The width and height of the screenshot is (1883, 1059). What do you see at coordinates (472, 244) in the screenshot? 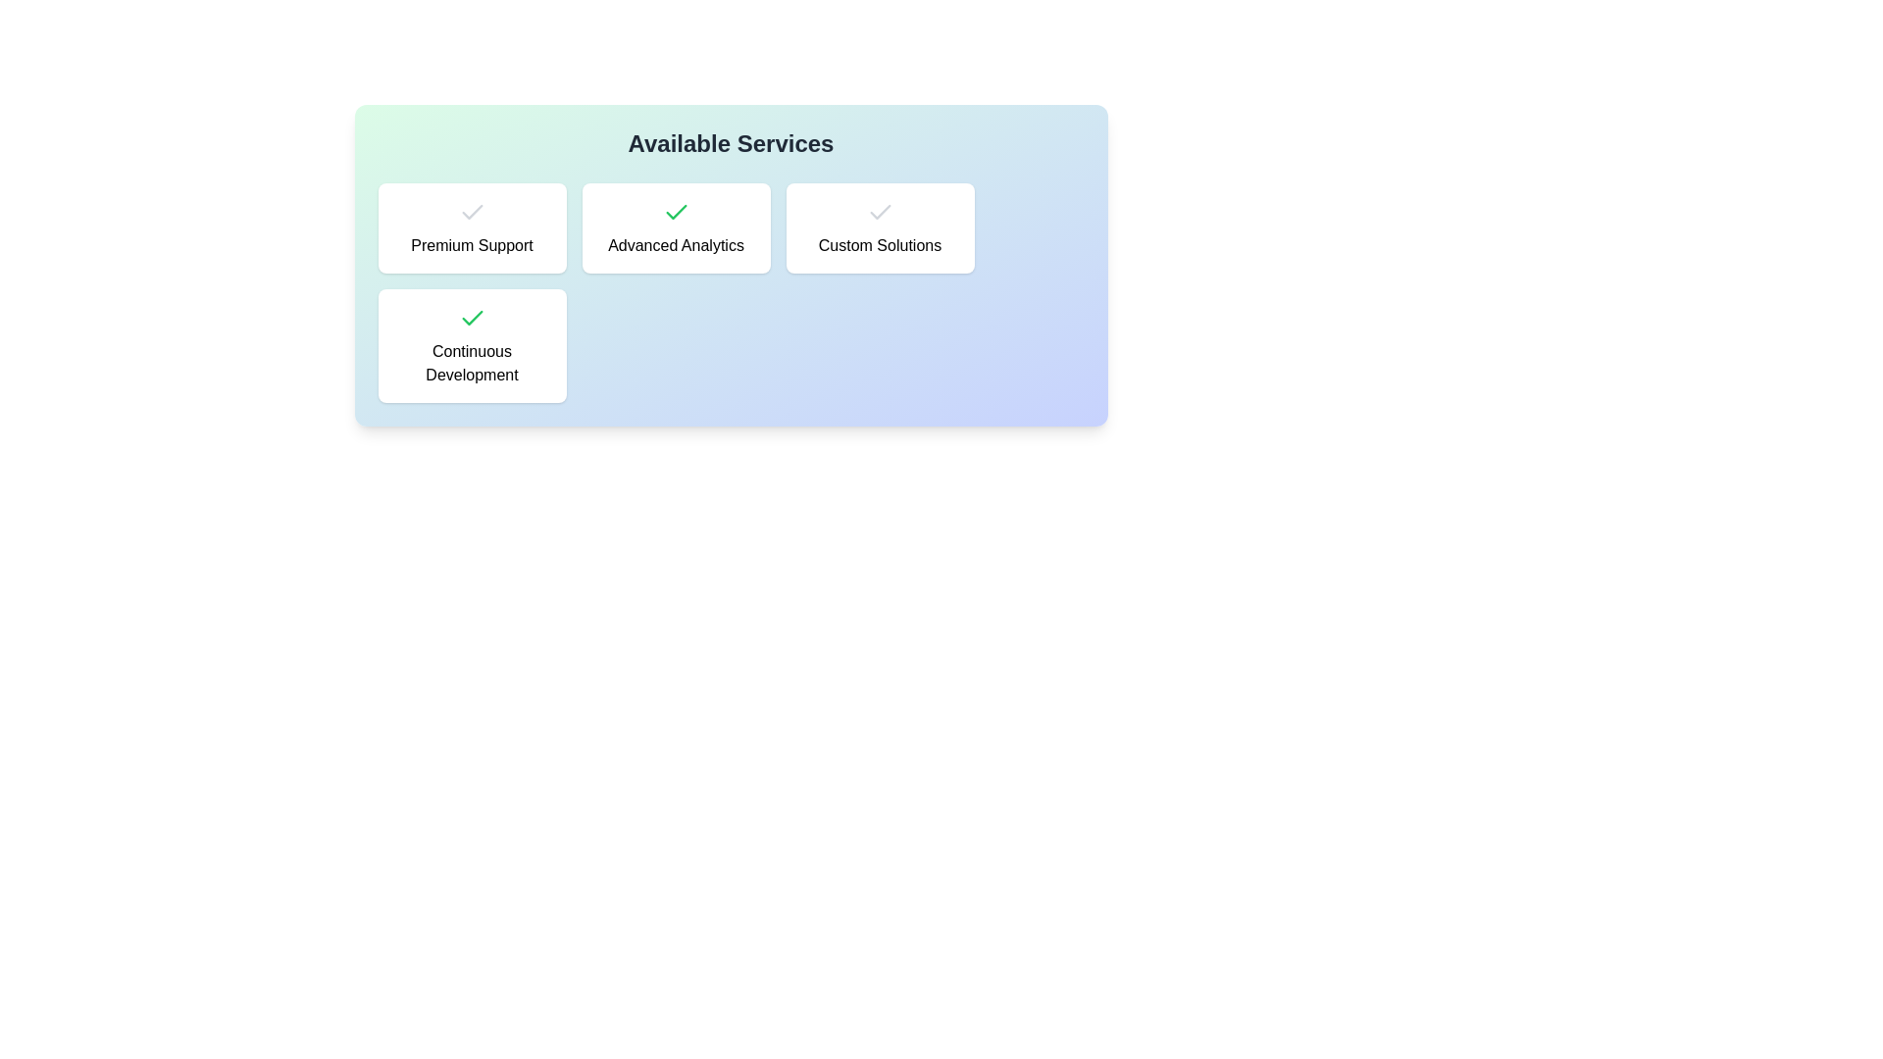
I see `text content of the 'Premium Support' static text, which is centrally located in the first card of the service options grid` at bounding box center [472, 244].